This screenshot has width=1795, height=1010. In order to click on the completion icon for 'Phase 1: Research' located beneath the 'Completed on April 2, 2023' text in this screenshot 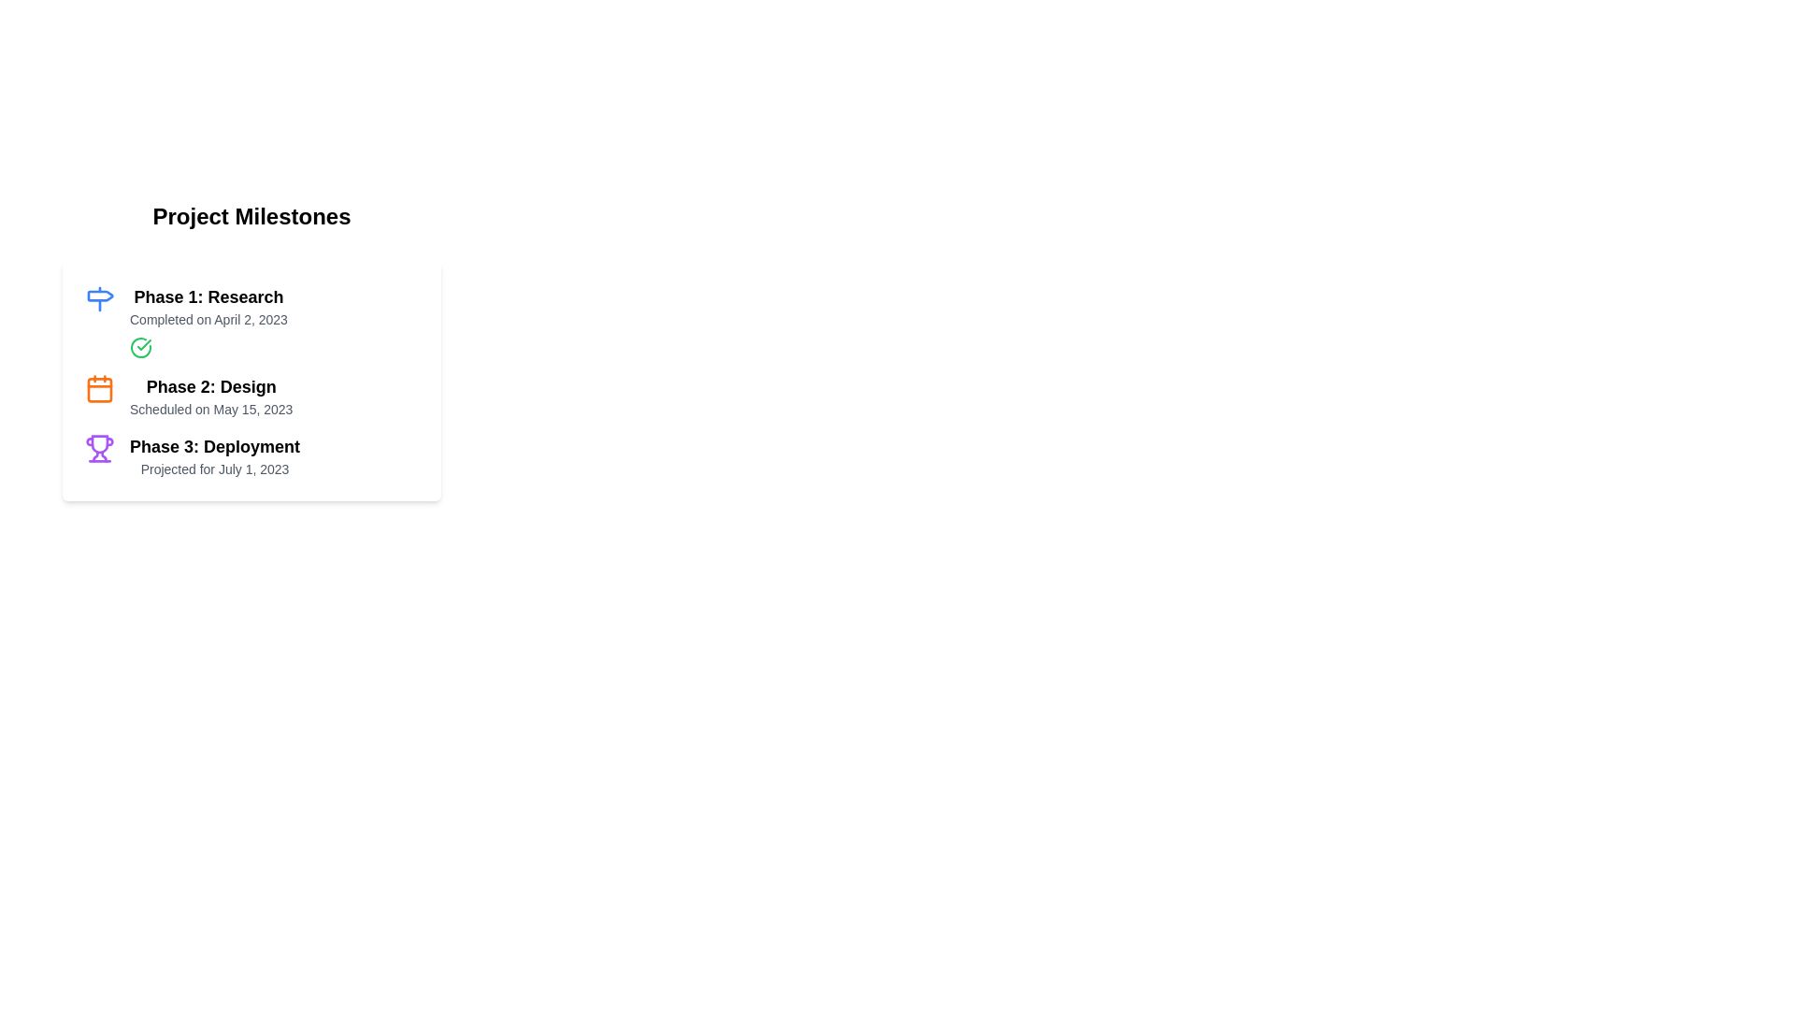, I will do `click(139, 347)`.